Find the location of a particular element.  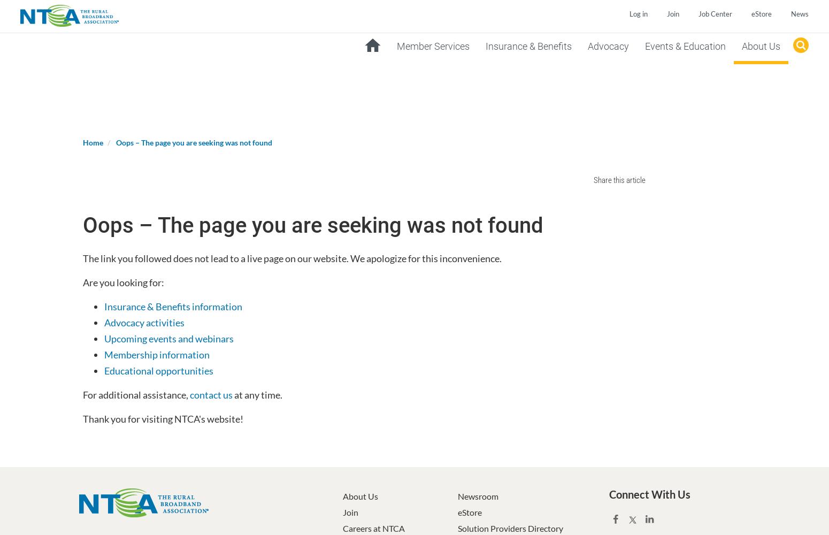

'Upcoming events and webinars' is located at coordinates (168, 339).